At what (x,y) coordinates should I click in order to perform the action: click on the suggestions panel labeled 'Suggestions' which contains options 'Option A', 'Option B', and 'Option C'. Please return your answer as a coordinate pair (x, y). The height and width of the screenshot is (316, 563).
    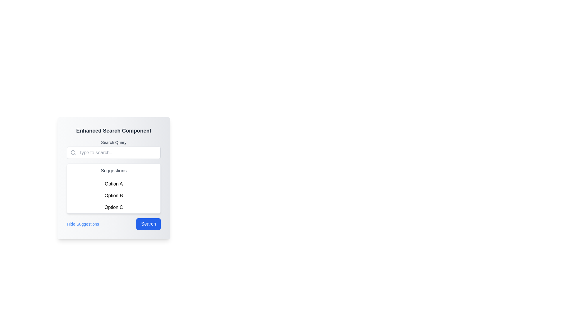
    Looking at the image, I should click on (114, 188).